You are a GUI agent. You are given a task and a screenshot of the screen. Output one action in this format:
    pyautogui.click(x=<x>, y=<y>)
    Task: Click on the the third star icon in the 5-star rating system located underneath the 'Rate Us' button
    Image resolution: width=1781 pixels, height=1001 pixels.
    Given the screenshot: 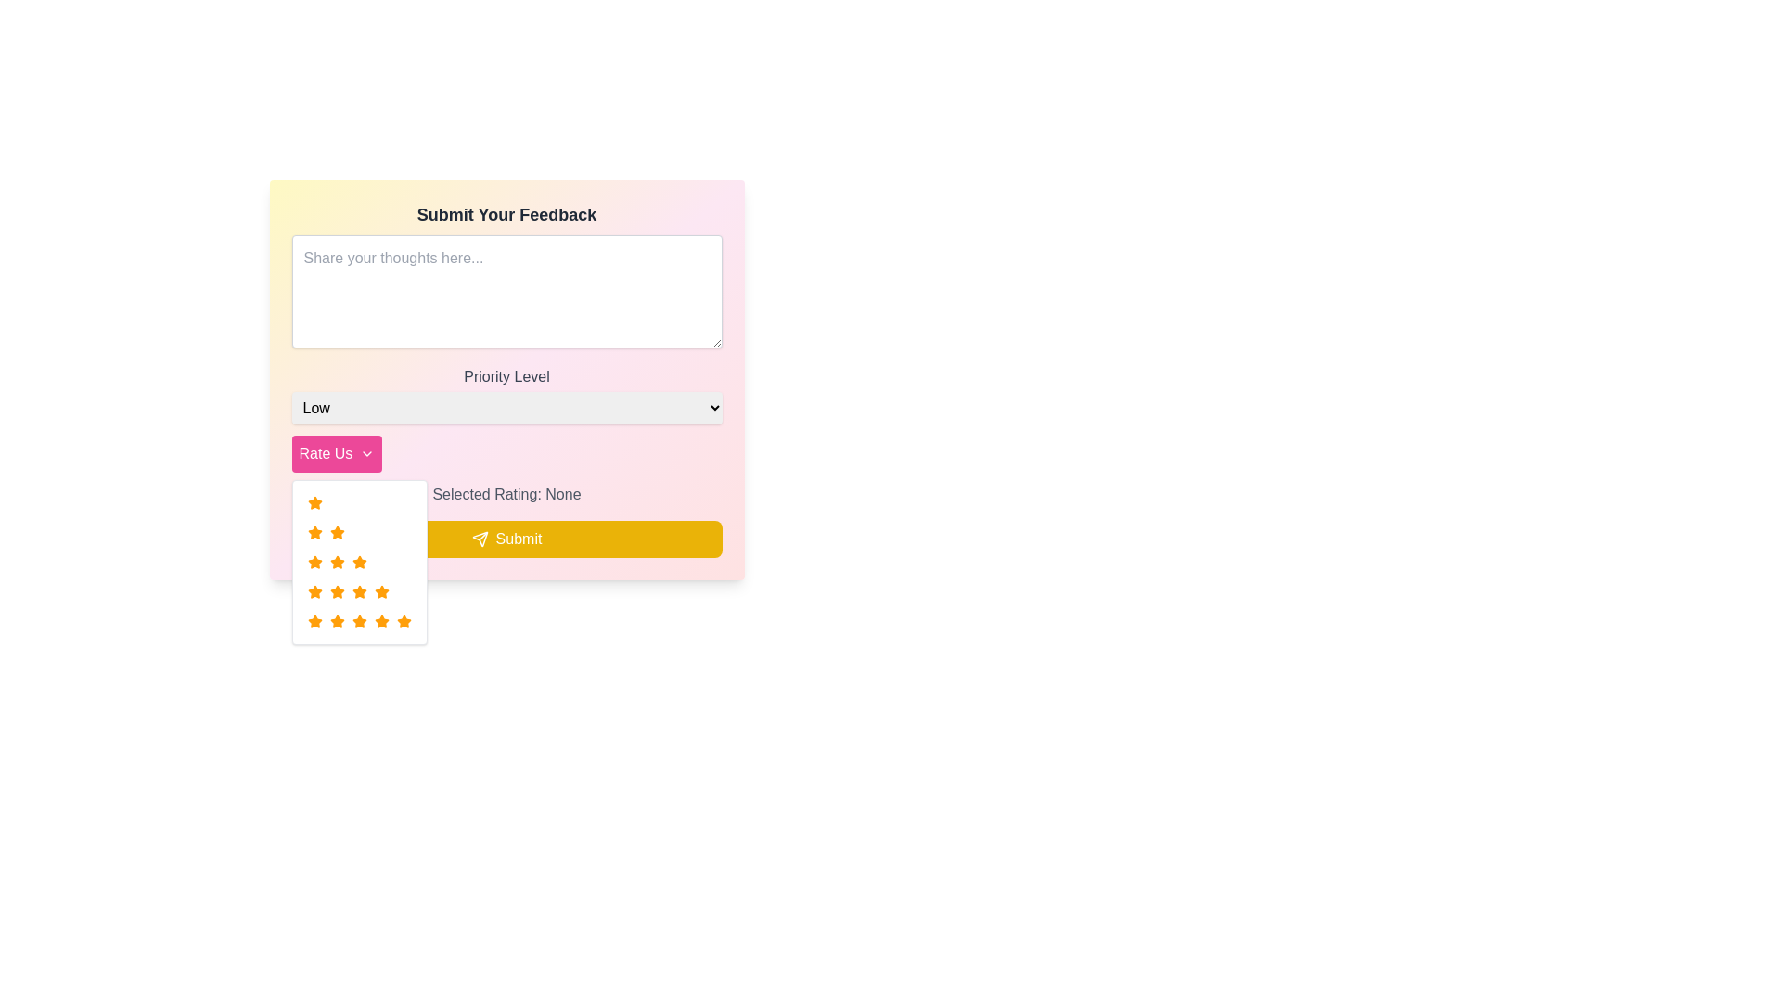 What is the action you would take?
    pyautogui.click(x=337, y=592)
    